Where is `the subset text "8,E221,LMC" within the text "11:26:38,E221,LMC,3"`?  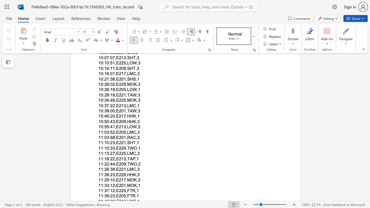 the subset text "8,E221,LMC" within the text "11:26:38,E221,LMC,3" is located at coordinates (112, 169).